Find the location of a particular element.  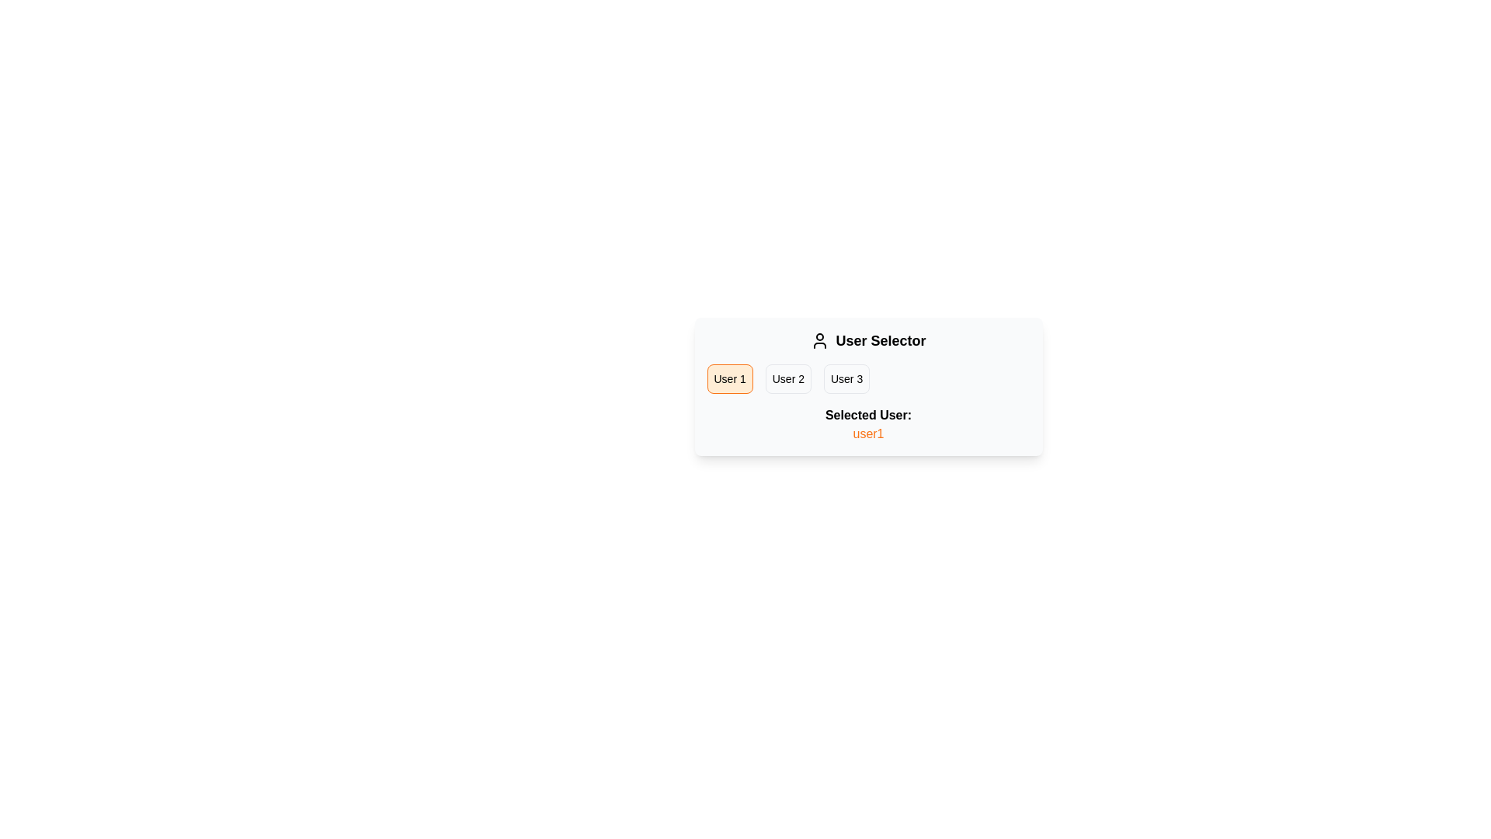

the button labeled 'User 3' is located at coordinates (846, 379).